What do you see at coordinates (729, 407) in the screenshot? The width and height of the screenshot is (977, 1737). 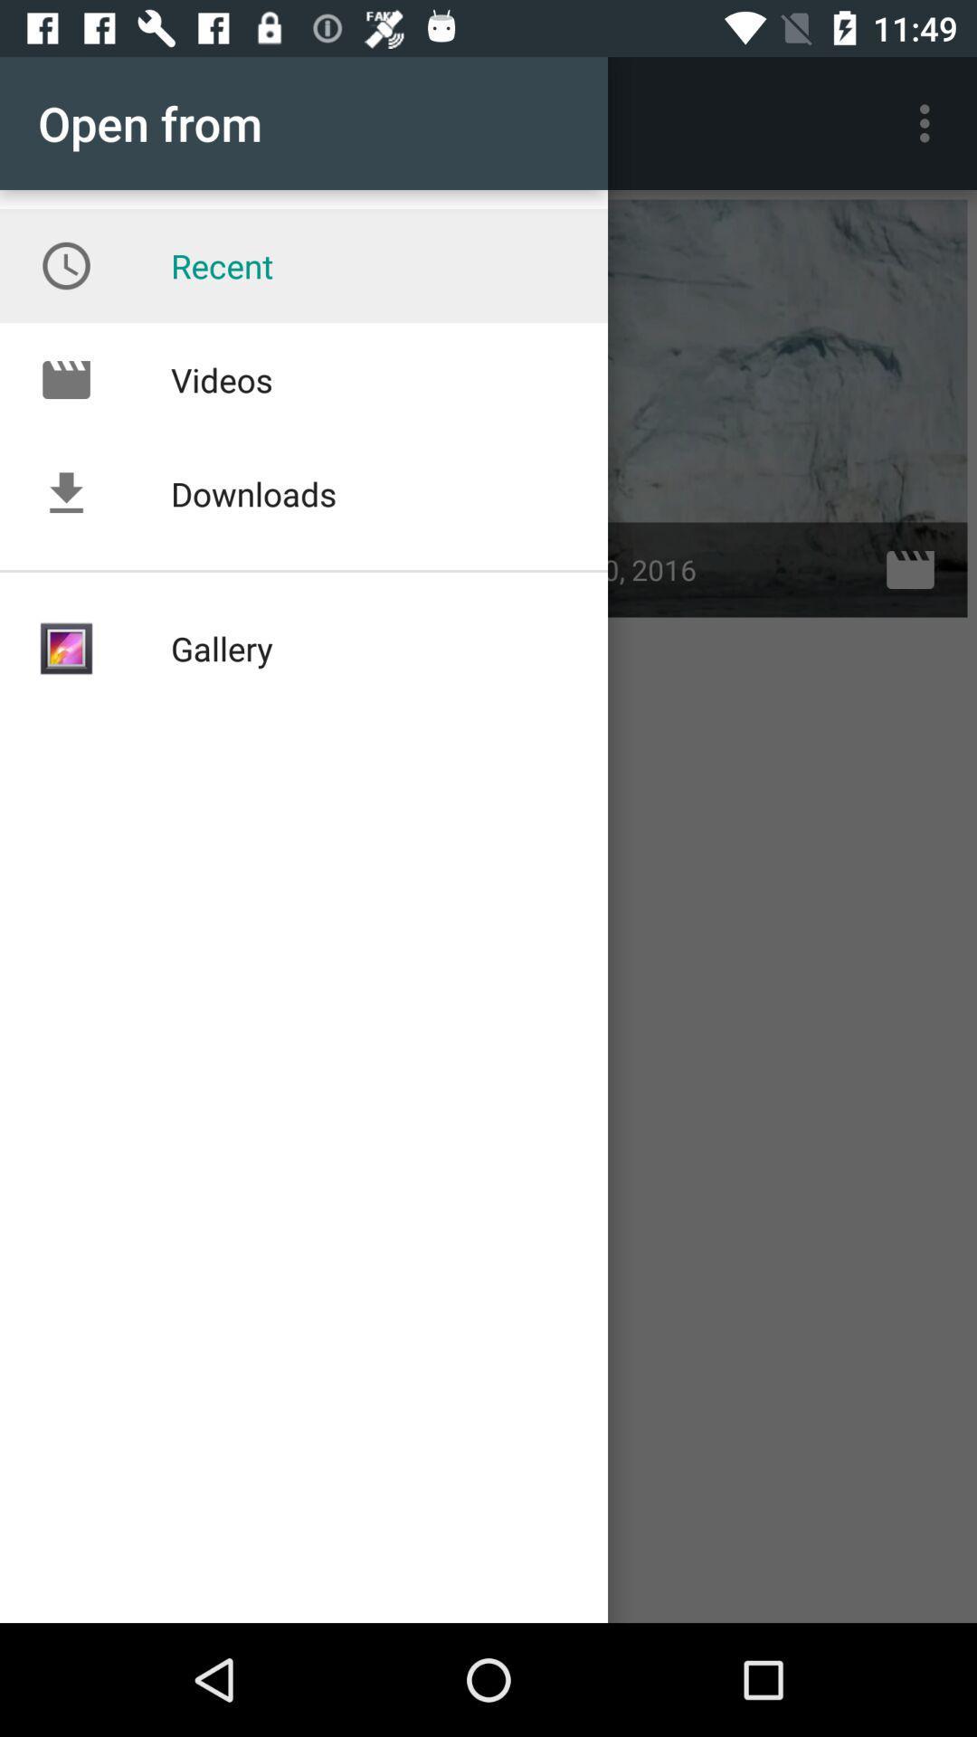 I see `option below the 3 dotted vertical line icon` at bounding box center [729, 407].